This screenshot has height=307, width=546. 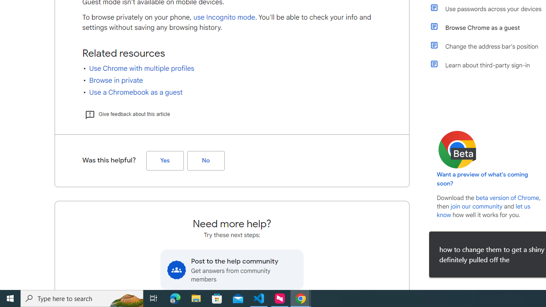 What do you see at coordinates (224, 17) in the screenshot?
I see `'use Incognito mode'` at bounding box center [224, 17].